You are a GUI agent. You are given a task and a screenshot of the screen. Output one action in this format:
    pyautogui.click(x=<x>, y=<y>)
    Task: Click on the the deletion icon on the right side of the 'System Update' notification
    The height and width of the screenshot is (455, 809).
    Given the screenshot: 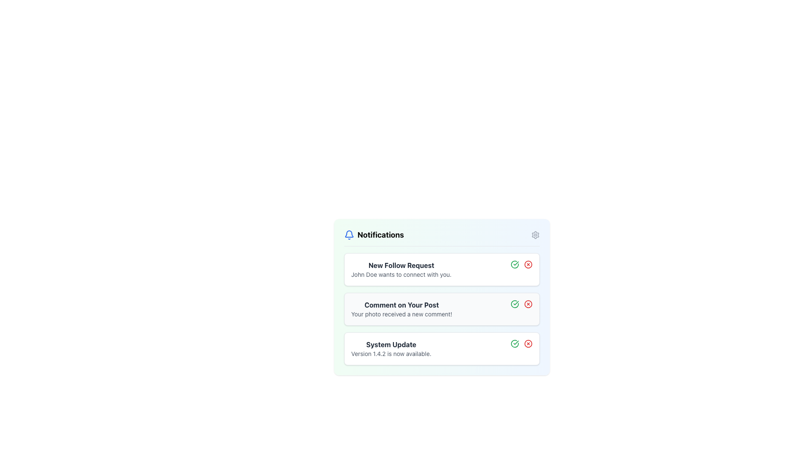 What is the action you would take?
    pyautogui.click(x=528, y=344)
    